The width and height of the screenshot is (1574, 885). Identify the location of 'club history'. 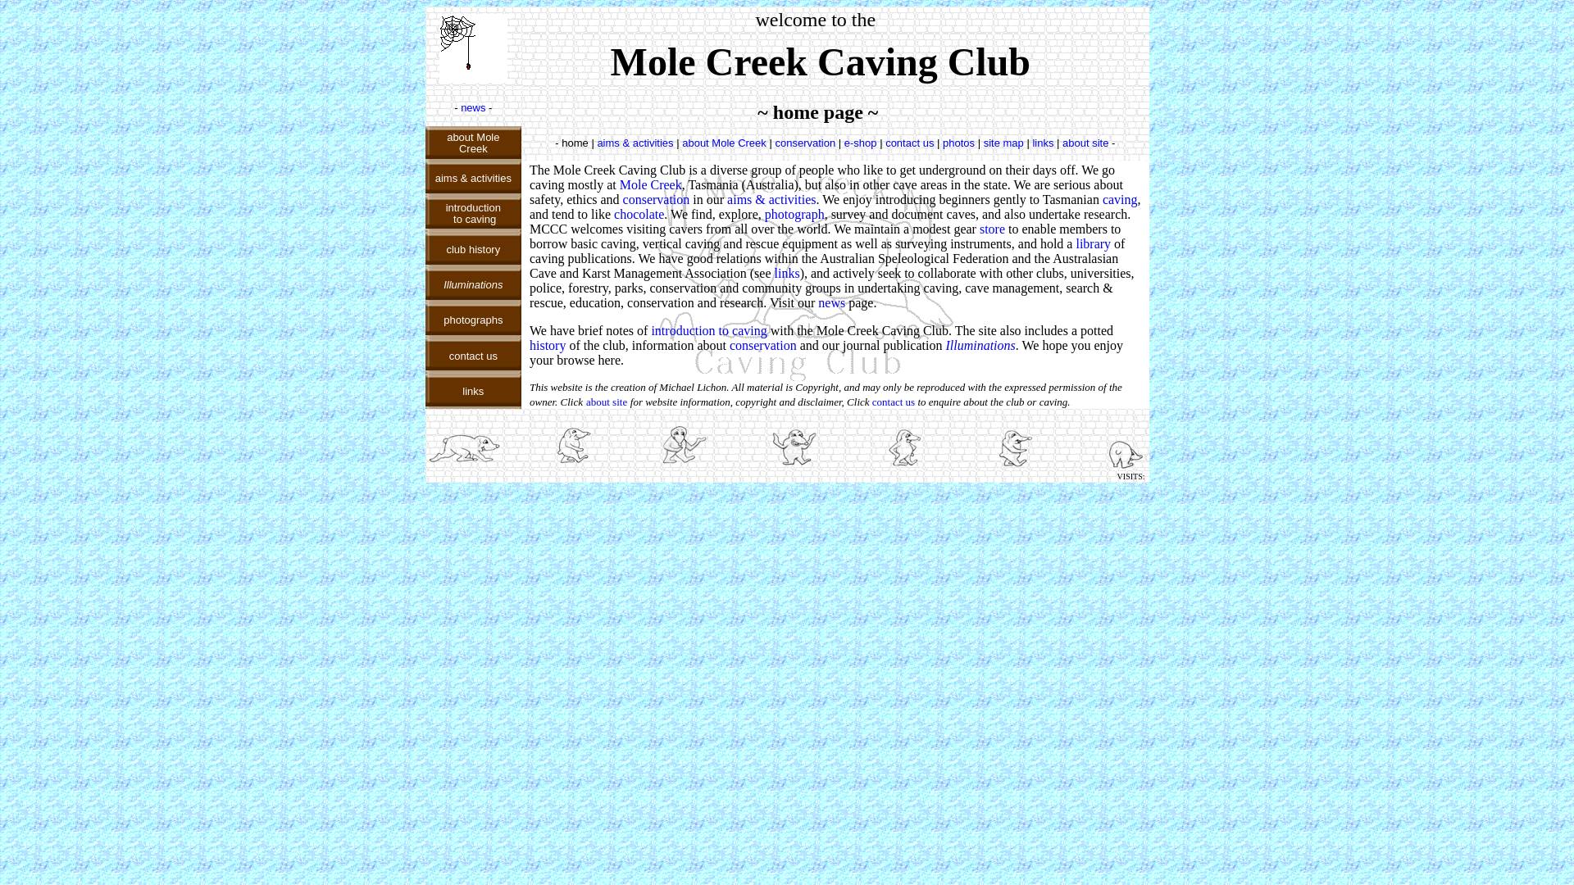
(471, 248).